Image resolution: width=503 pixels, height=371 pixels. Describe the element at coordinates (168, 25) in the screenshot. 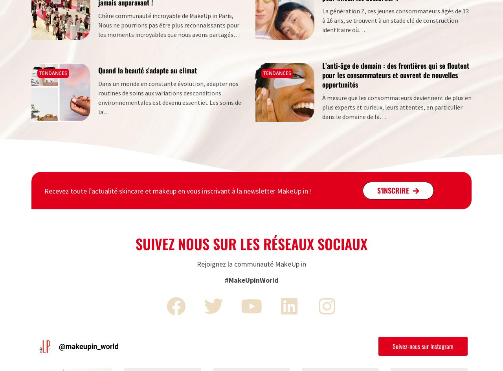

I see `'Chère communauté incroyable de MakeUp in Paris, Nous ne pourrions pas être plus reconnaissants pour les moments incroyables que nous avons partagés…'` at that location.